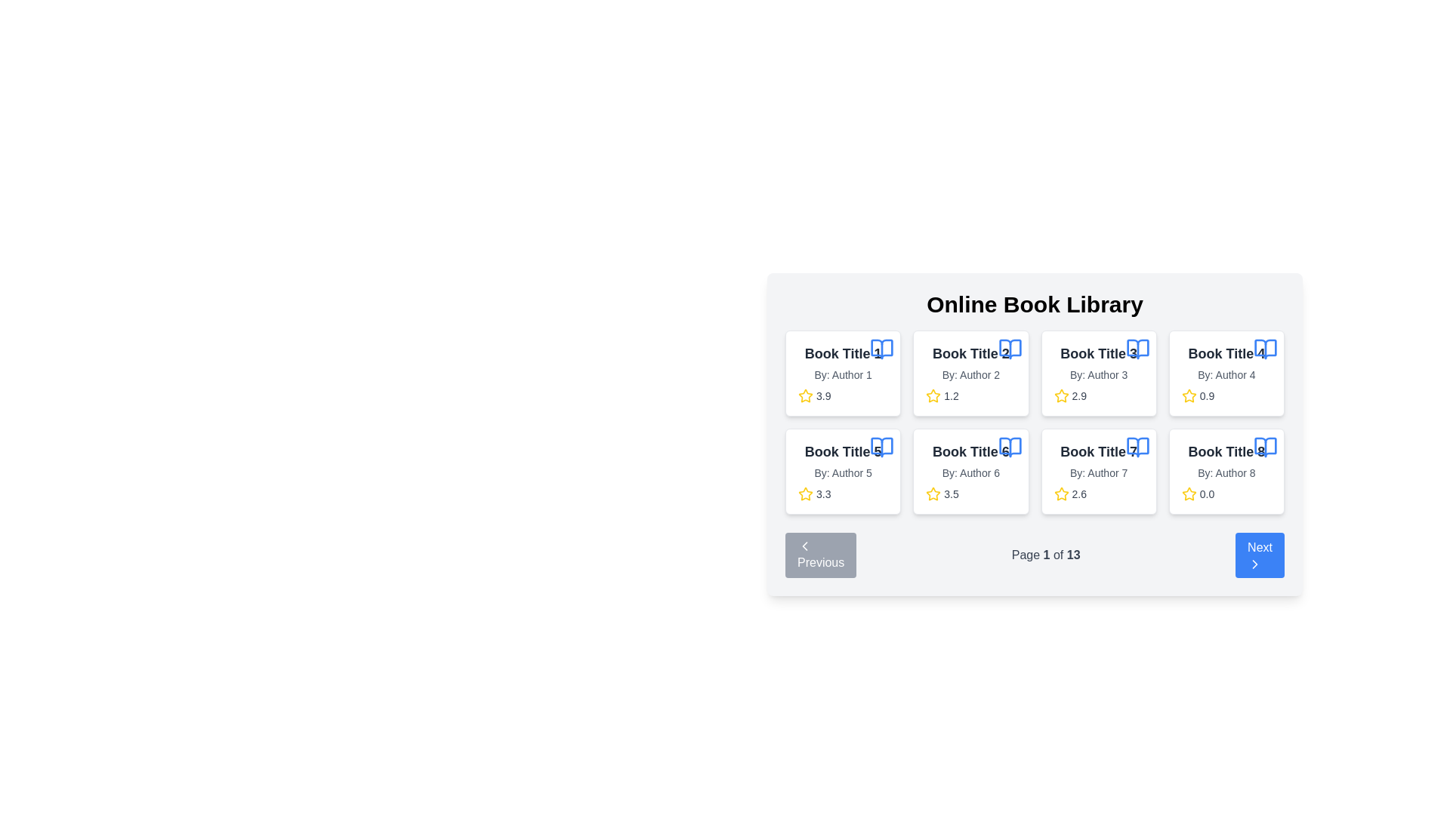 The height and width of the screenshot is (815, 1450). What do you see at coordinates (970, 472) in the screenshot?
I see `the text label that provides information about the author of the book, located in the sixth card of the grid, directly below the book title 'Book Title 6'` at bounding box center [970, 472].